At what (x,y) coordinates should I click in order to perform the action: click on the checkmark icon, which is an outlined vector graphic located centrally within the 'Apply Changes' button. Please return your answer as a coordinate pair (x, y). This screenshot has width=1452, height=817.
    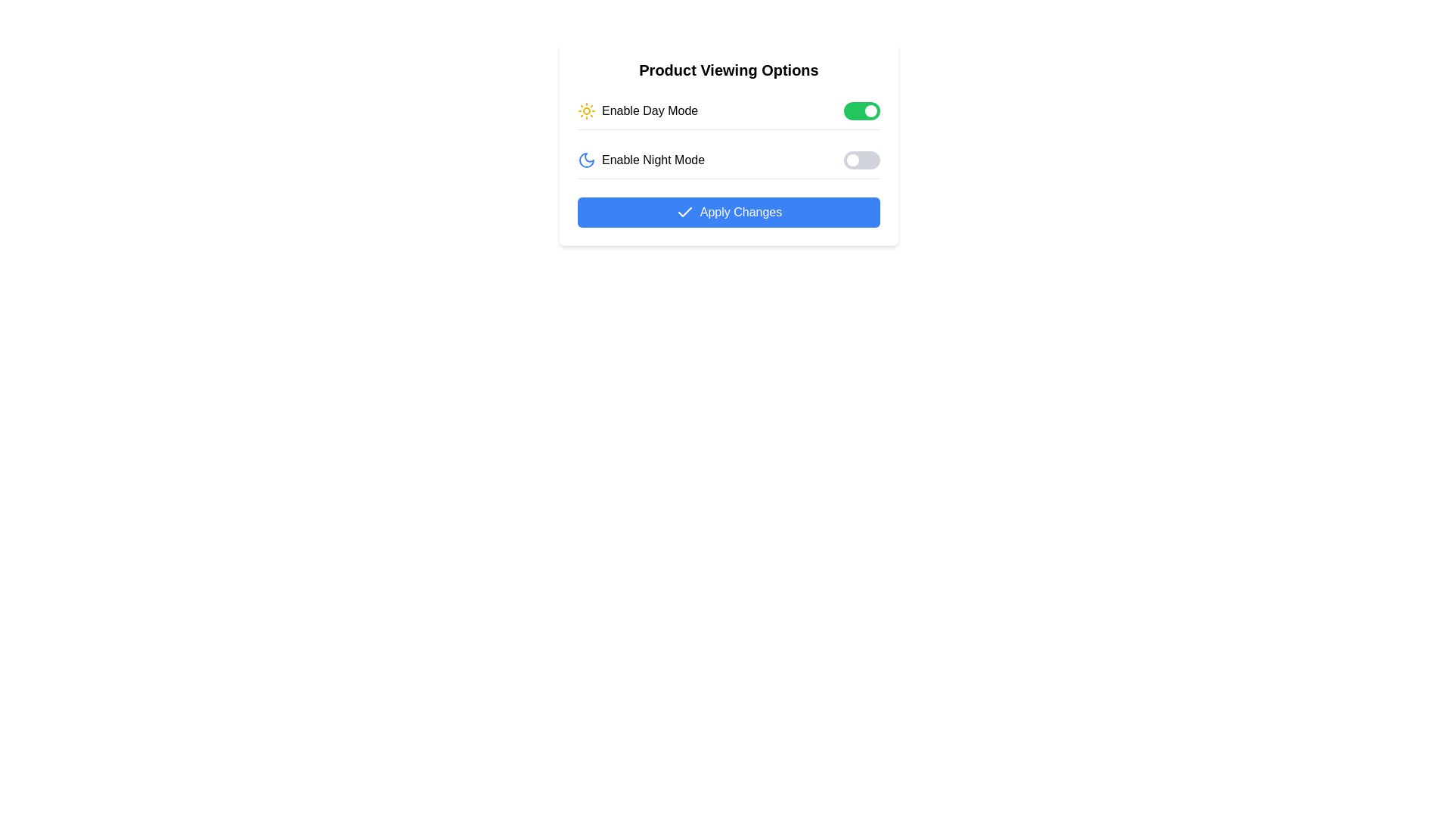
    Looking at the image, I should click on (684, 212).